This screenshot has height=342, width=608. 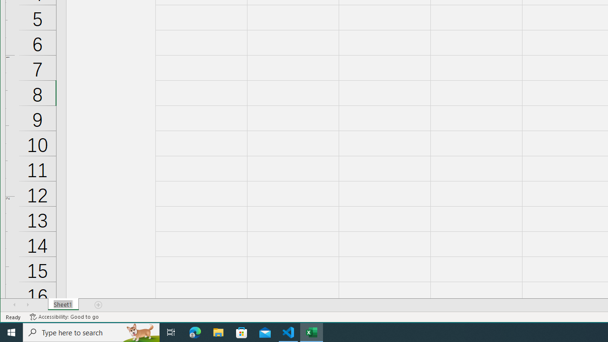 What do you see at coordinates (312, 332) in the screenshot?
I see `'Excel - 1 running window'` at bounding box center [312, 332].